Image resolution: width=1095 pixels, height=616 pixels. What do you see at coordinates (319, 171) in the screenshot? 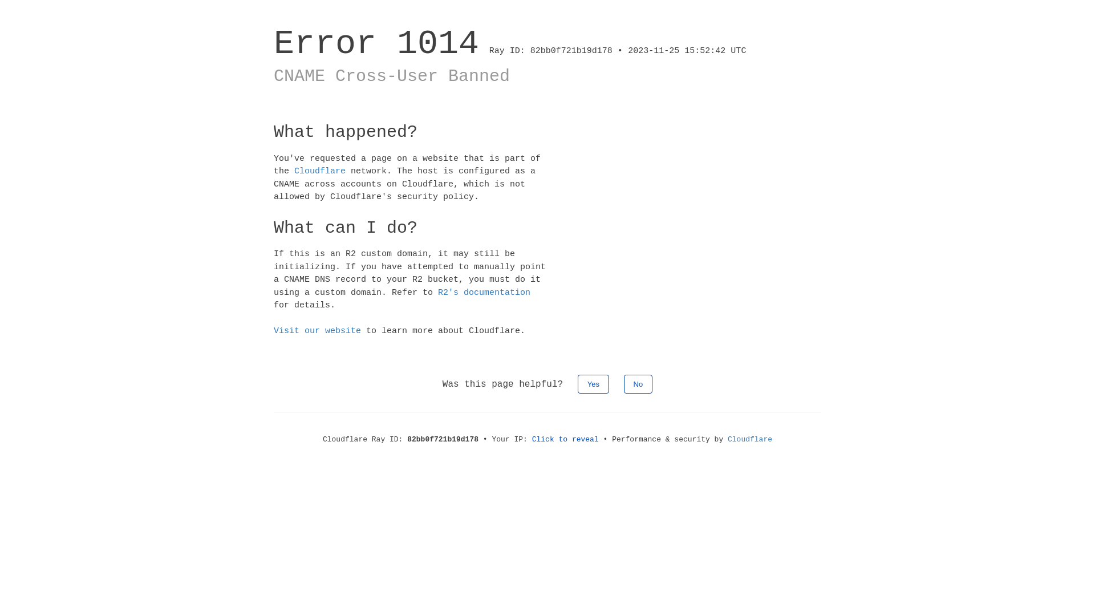
I see `'Cloudflare'` at bounding box center [319, 171].